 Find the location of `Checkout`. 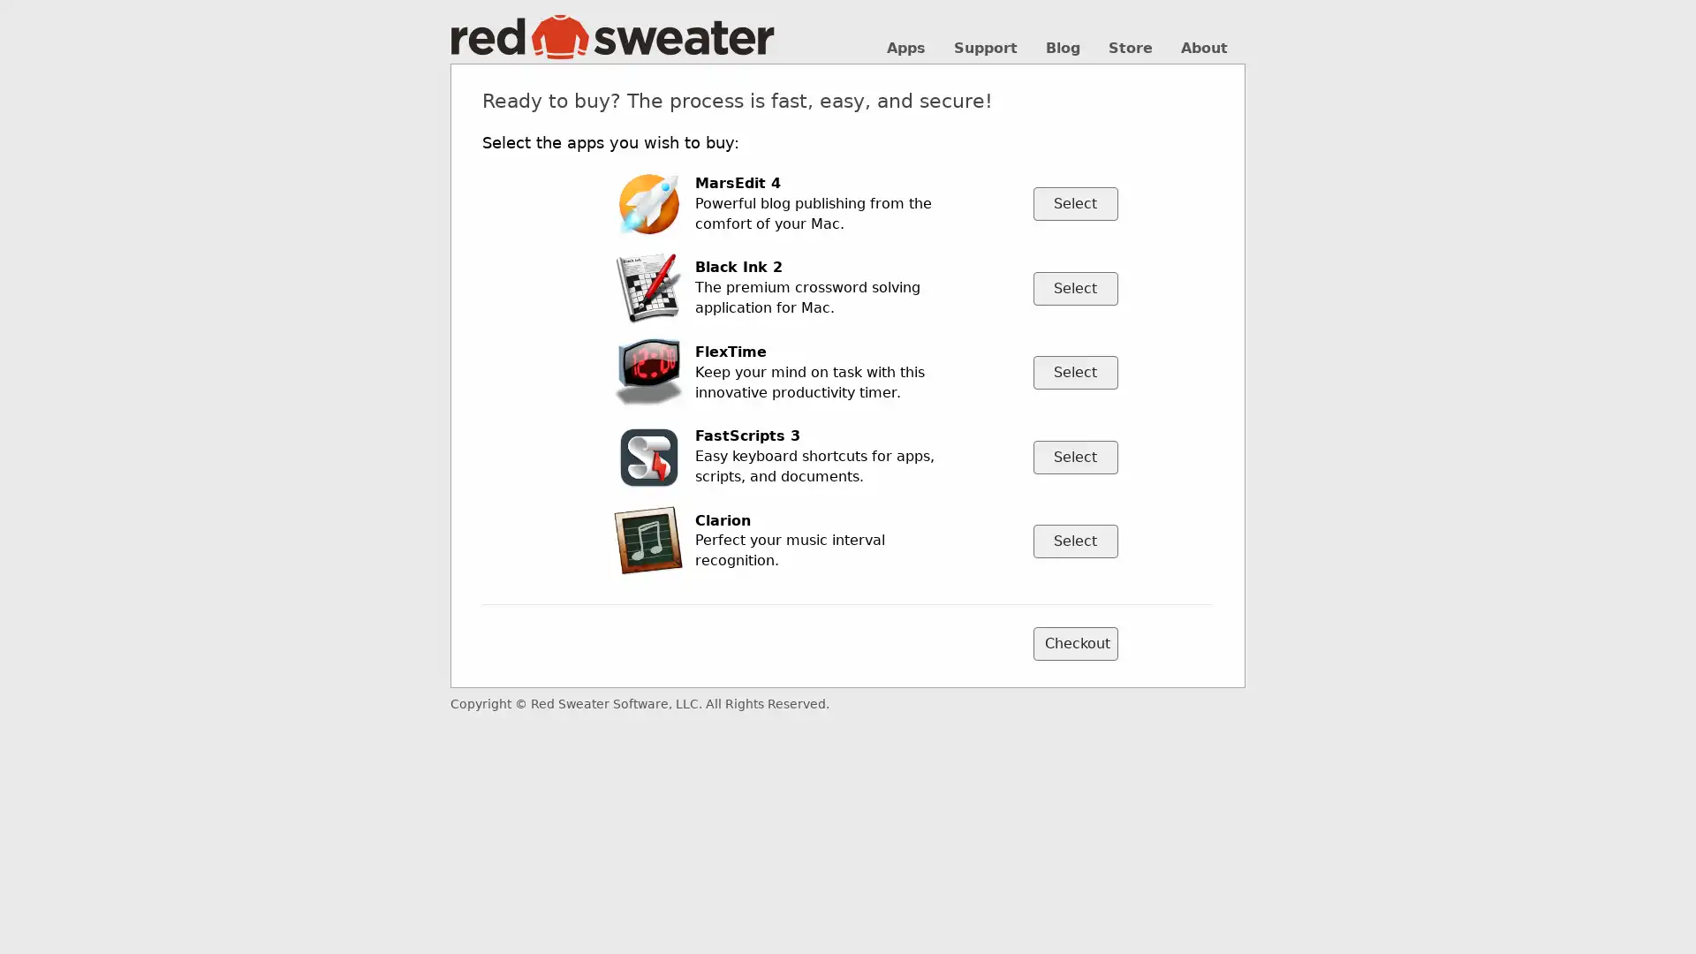

Checkout is located at coordinates (1074, 644).